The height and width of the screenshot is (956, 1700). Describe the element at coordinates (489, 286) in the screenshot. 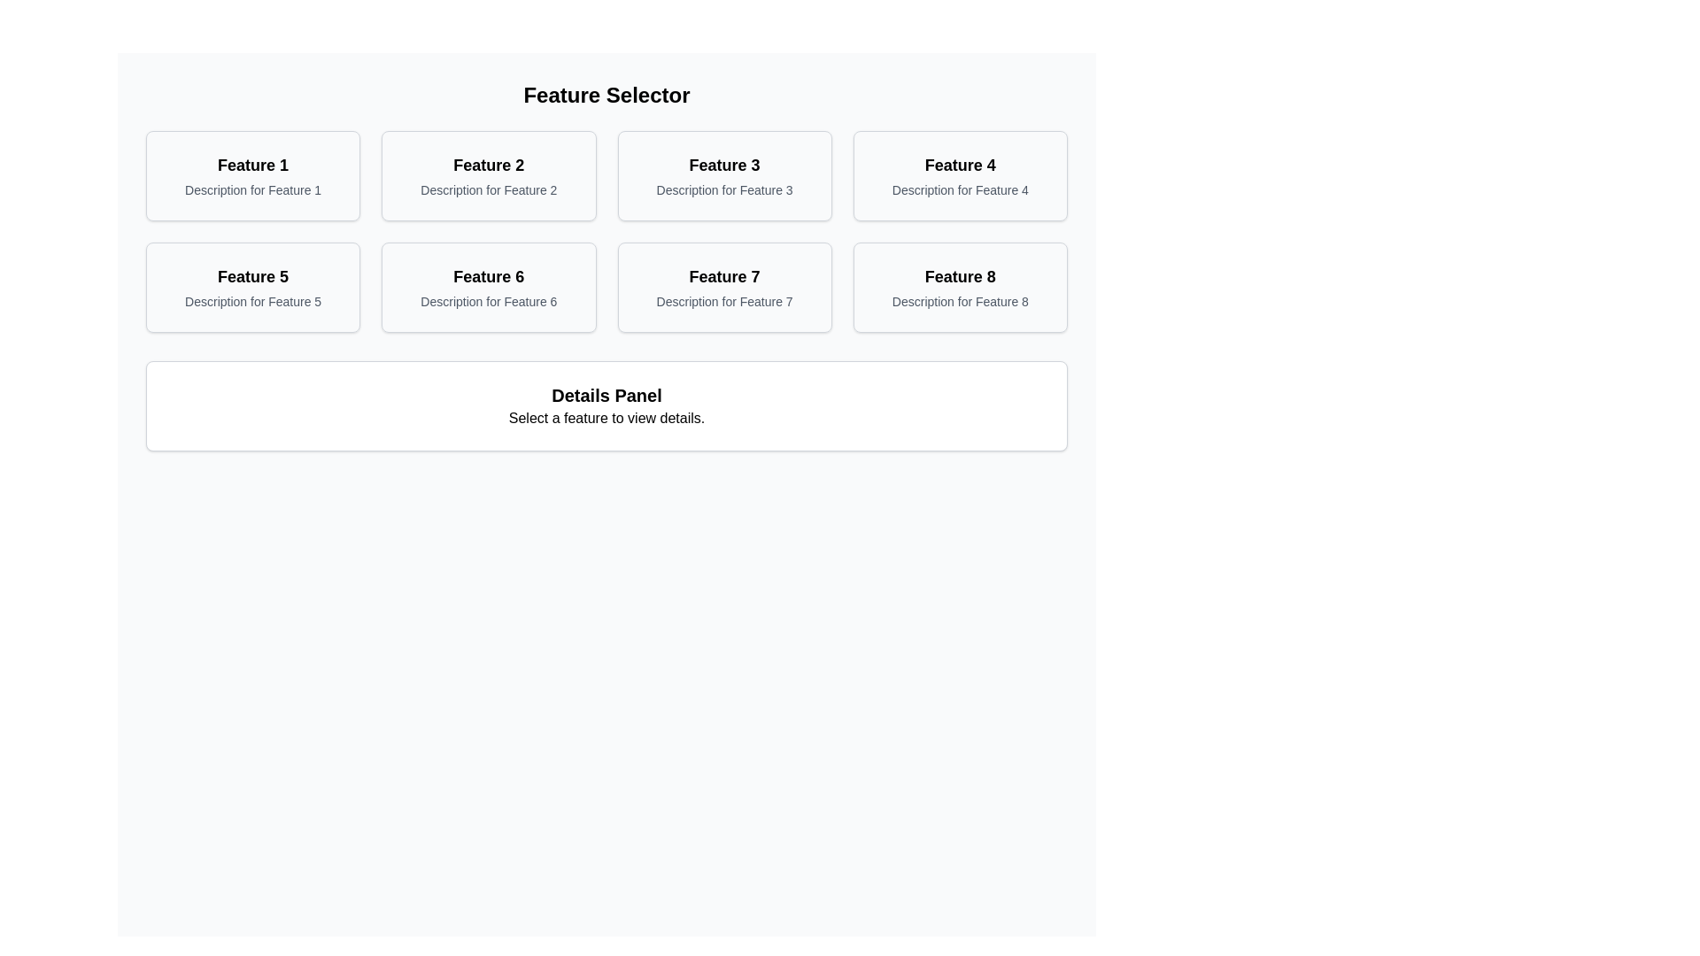

I see `the interactive card representing 'Feature 6', which is located in the lower row, second from the left in a grid layout of eight cards` at that location.